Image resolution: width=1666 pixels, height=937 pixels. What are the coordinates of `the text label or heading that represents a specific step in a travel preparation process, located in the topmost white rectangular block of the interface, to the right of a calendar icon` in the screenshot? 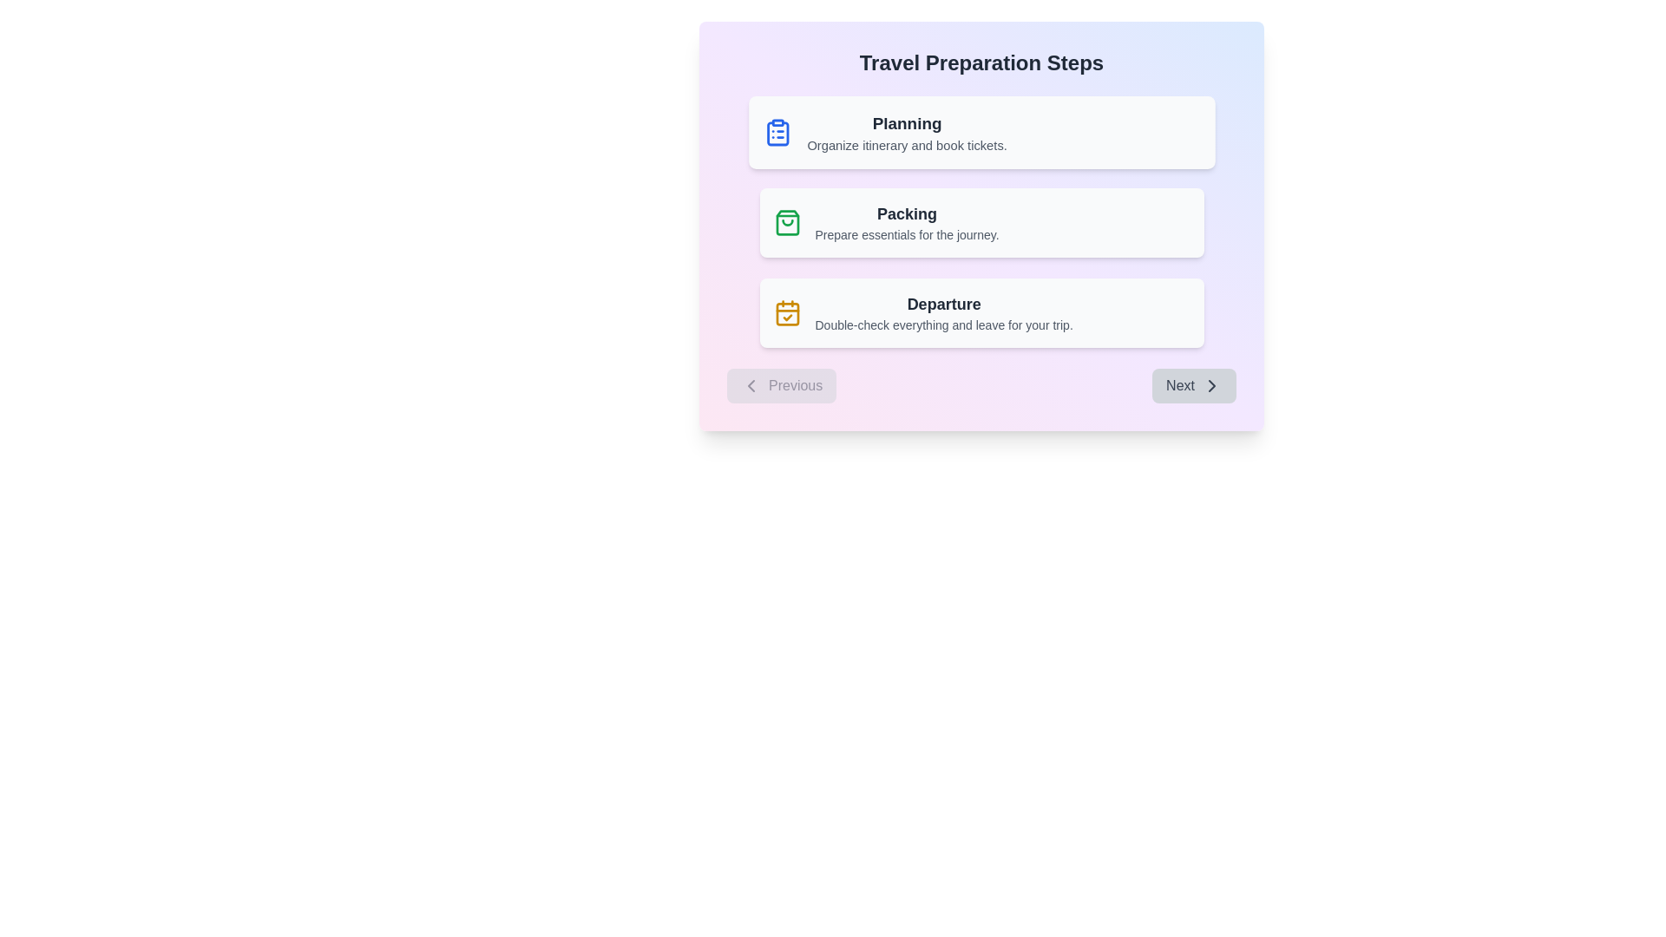 It's located at (906, 122).